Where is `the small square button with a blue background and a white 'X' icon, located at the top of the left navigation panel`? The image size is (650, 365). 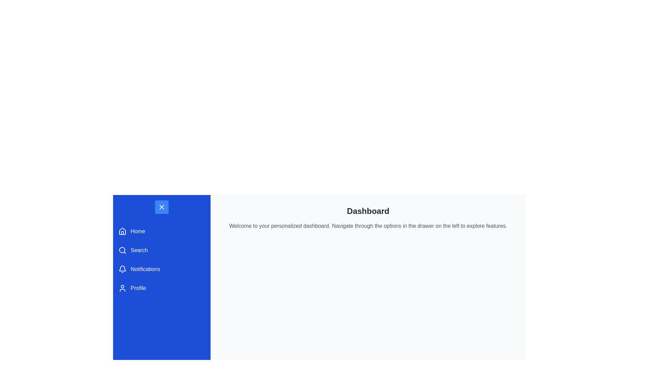
the small square button with a blue background and a white 'X' icon, located at the top of the left navigation panel is located at coordinates (161, 207).